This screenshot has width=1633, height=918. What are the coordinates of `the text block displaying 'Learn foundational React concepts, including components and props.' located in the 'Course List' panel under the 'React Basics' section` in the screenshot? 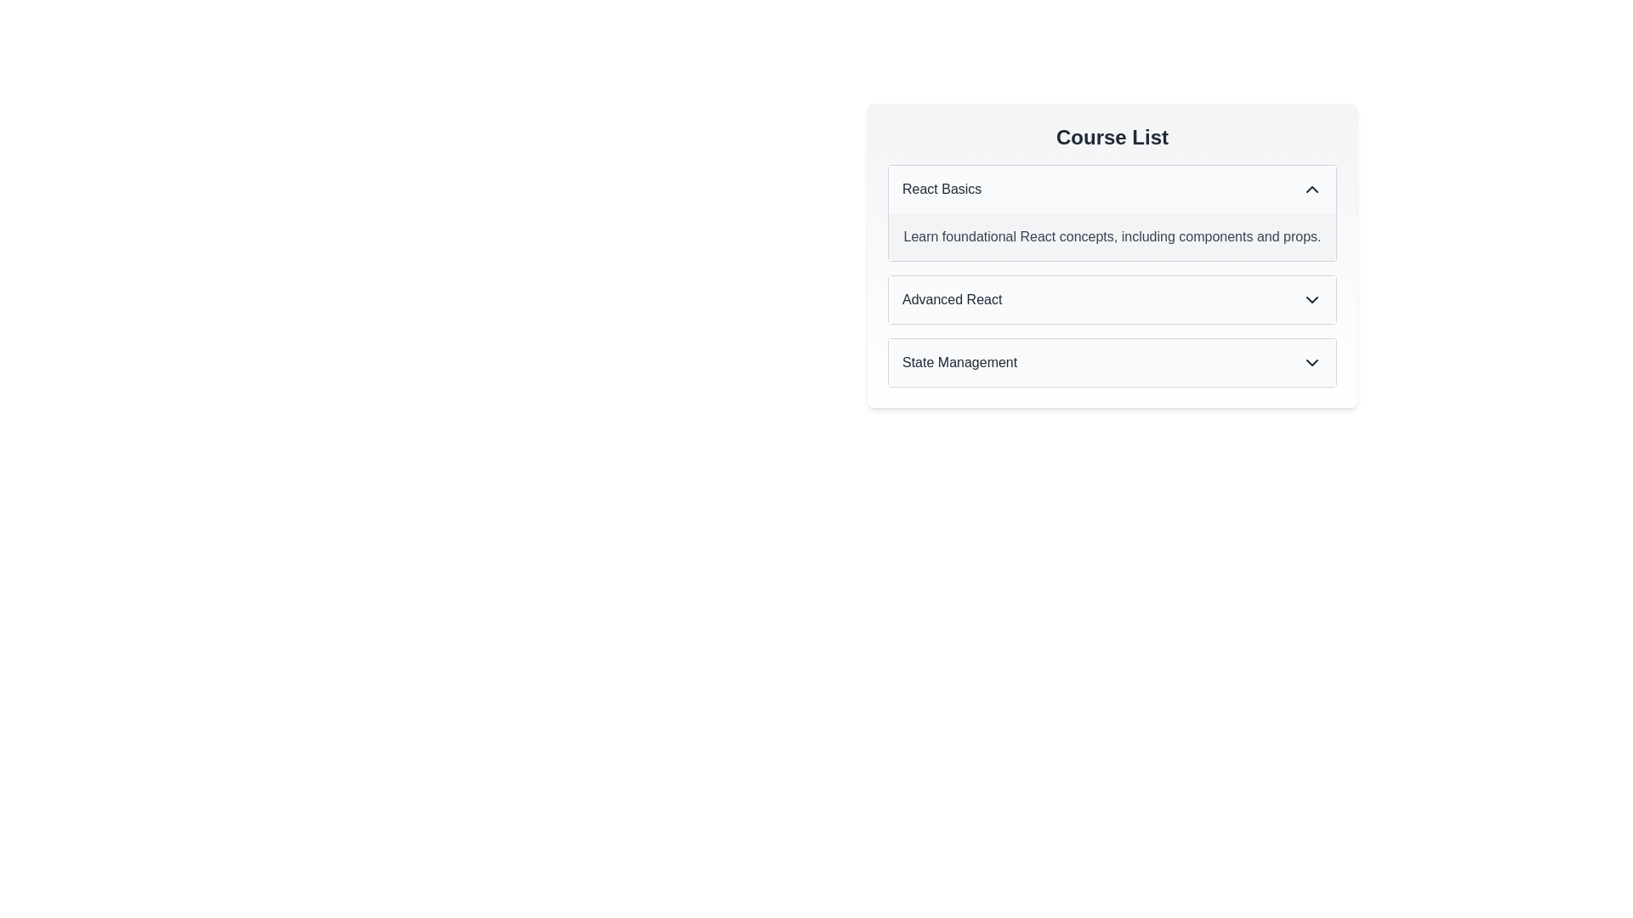 It's located at (1112, 236).